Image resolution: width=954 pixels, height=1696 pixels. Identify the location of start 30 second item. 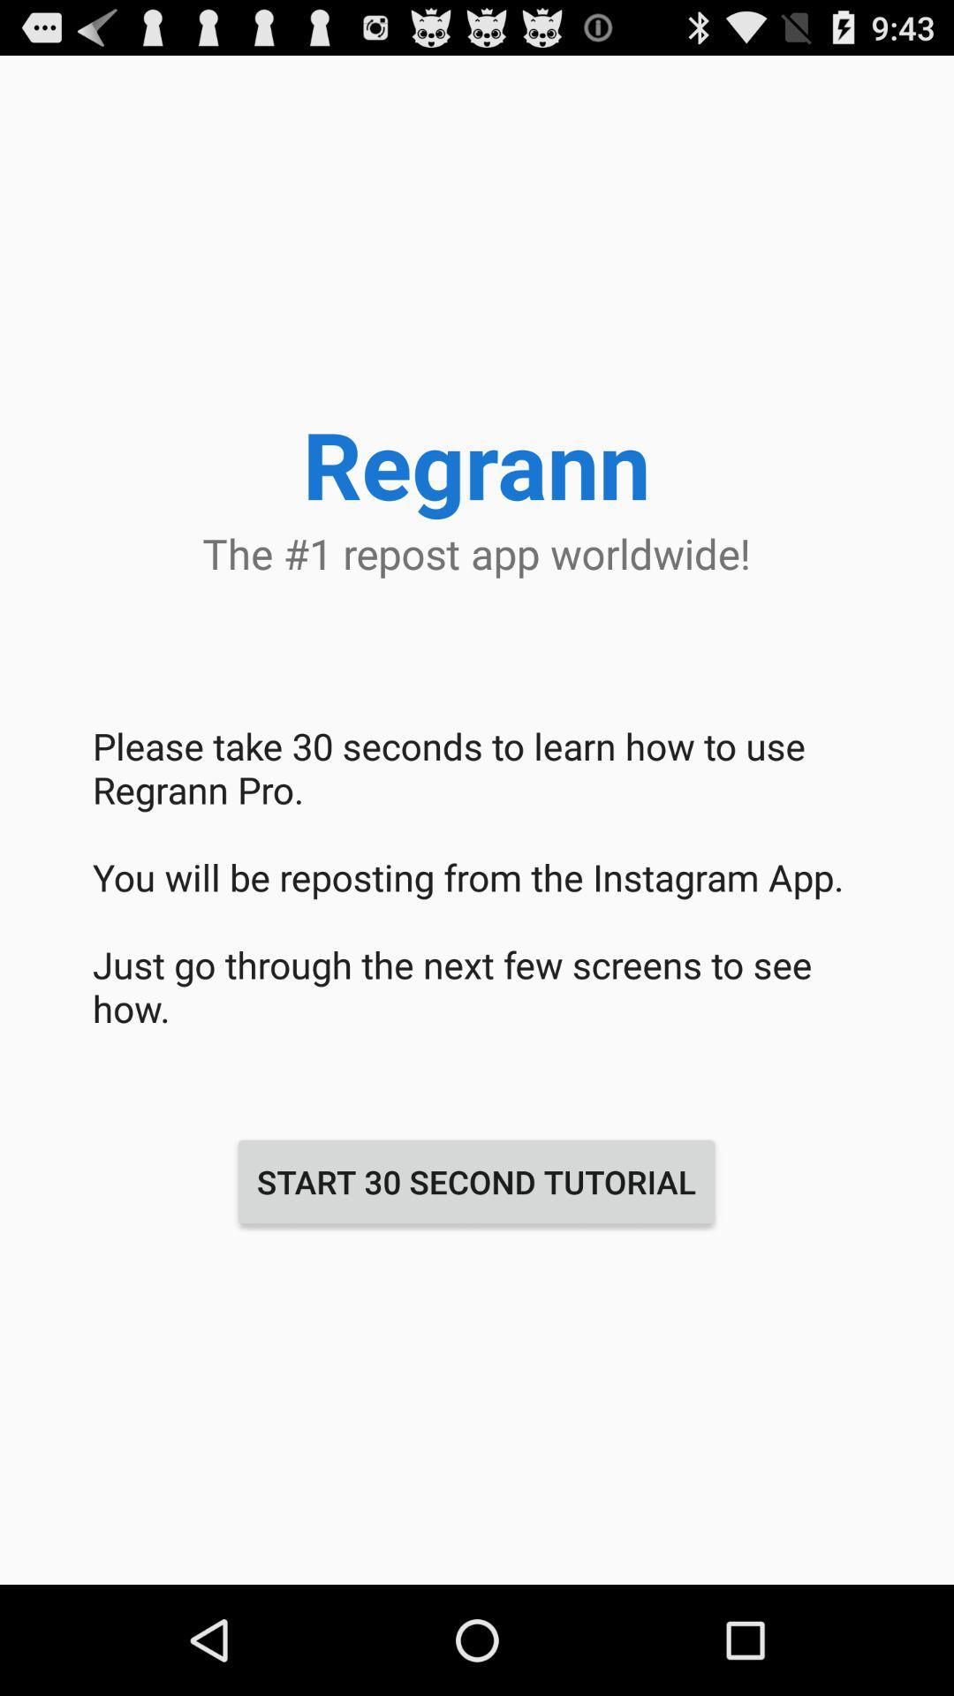
(475, 1182).